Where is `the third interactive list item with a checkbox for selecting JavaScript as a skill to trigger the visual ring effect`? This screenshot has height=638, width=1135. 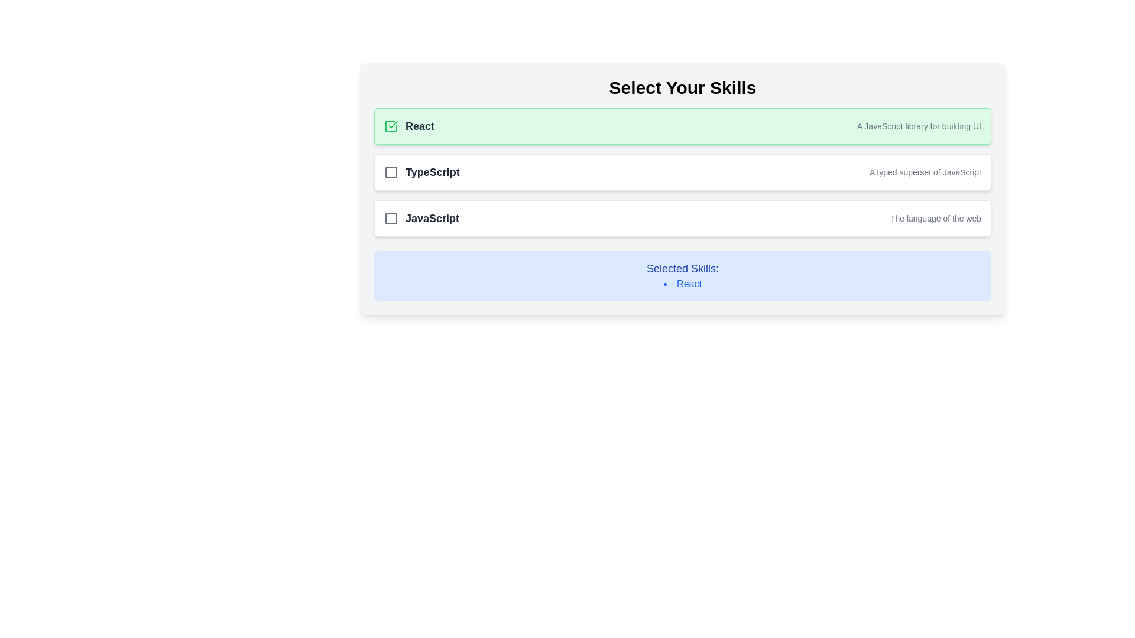
the third interactive list item with a checkbox for selecting JavaScript as a skill to trigger the visual ring effect is located at coordinates (683, 219).